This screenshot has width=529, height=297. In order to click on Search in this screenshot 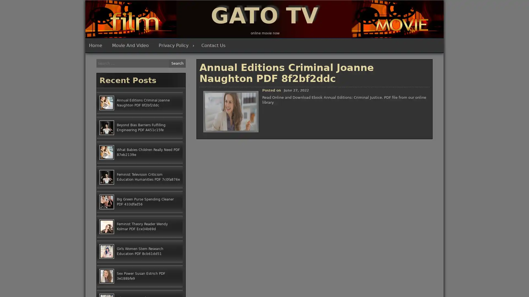, I will do `click(177, 63)`.